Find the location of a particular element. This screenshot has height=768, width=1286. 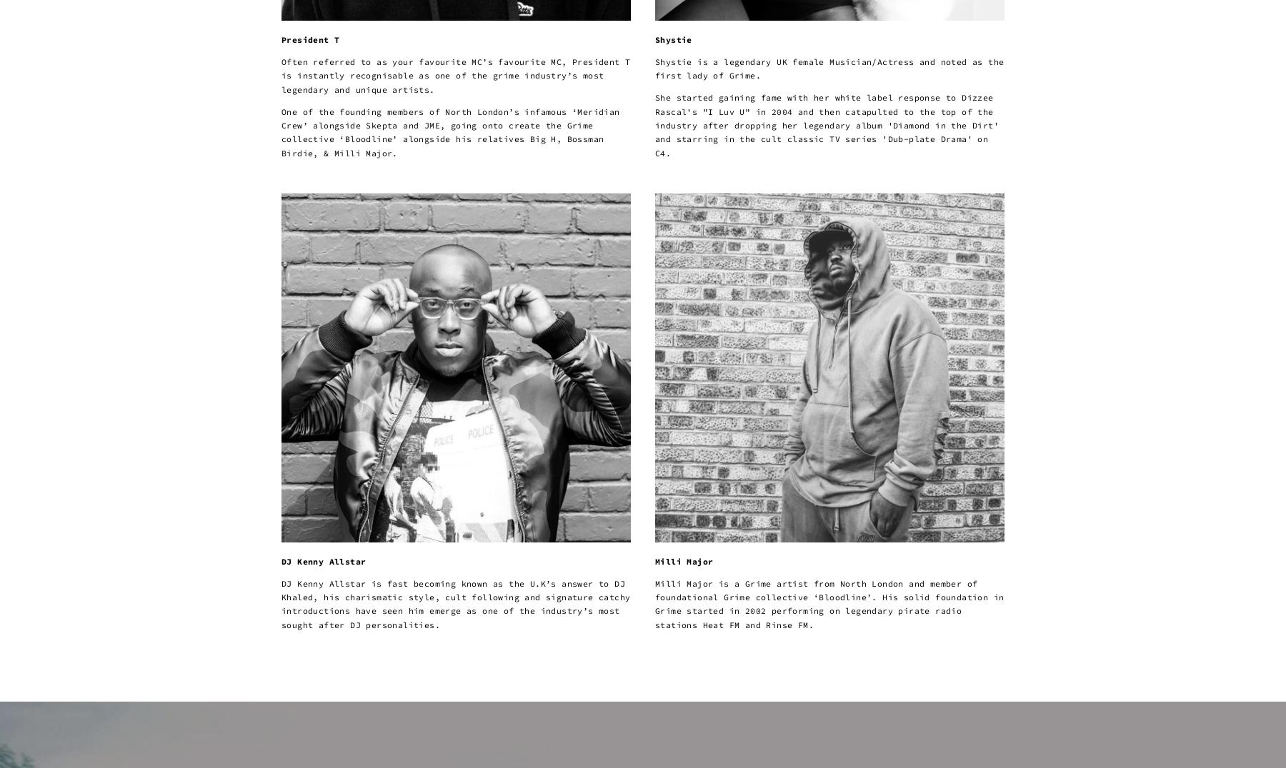

'She started gaining fame with her white label response to Dizzee Rascal's "I Luv U" in 2004 and then catapulted to the top of the industry after dropping her legendary album 'Diamond in the Dirt' and starring in the cult classic TV series 'Dub-plate Drama' on C4.' is located at coordinates (826, 125).